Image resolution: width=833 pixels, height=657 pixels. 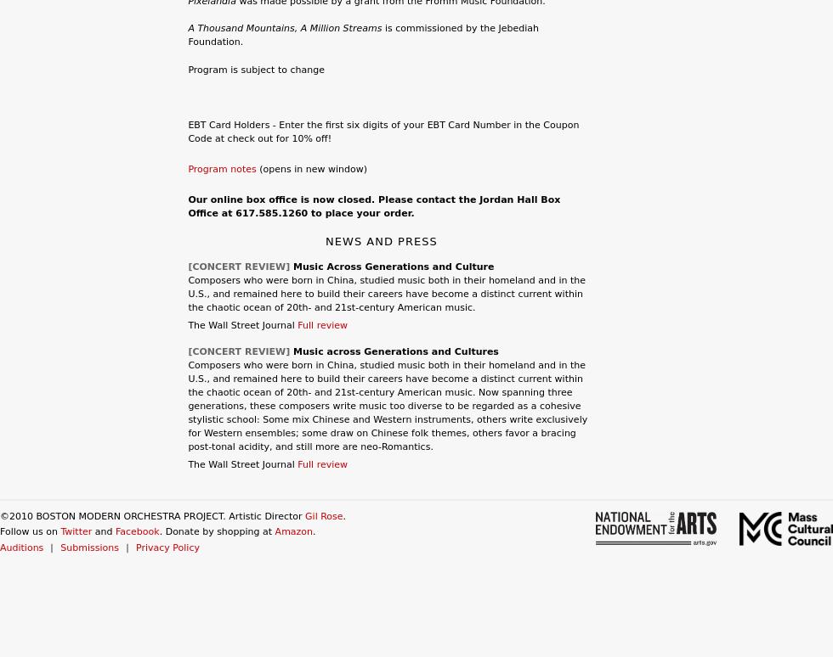 What do you see at coordinates (89, 547) in the screenshot?
I see `'Submissions'` at bounding box center [89, 547].